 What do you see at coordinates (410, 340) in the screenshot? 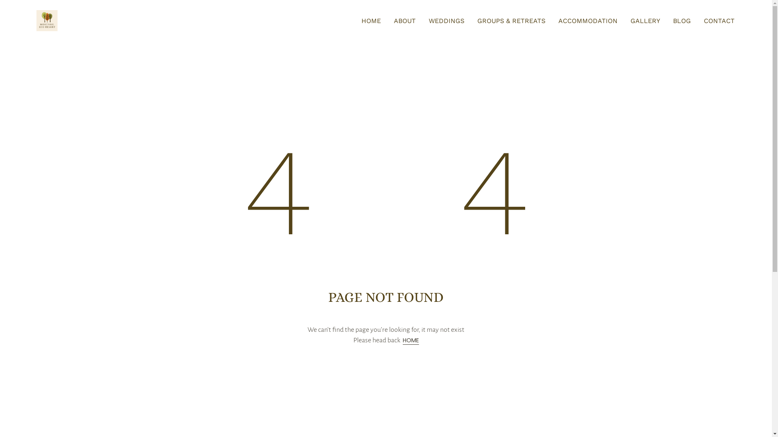
I see `'HOME'` at bounding box center [410, 340].